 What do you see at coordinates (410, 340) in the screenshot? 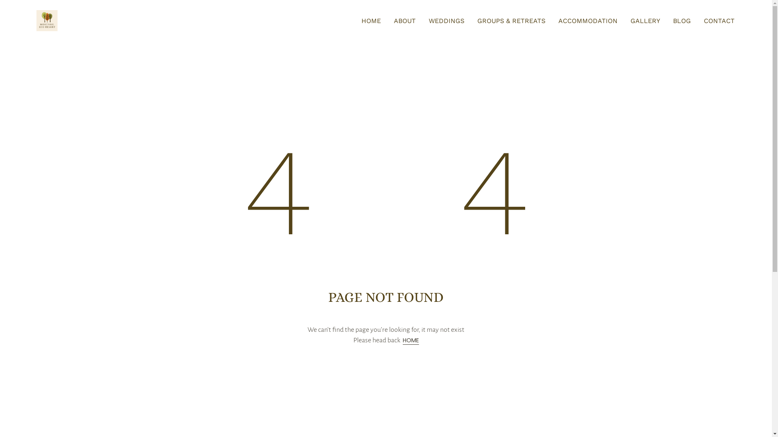
I see `'HOME'` at bounding box center [410, 340].